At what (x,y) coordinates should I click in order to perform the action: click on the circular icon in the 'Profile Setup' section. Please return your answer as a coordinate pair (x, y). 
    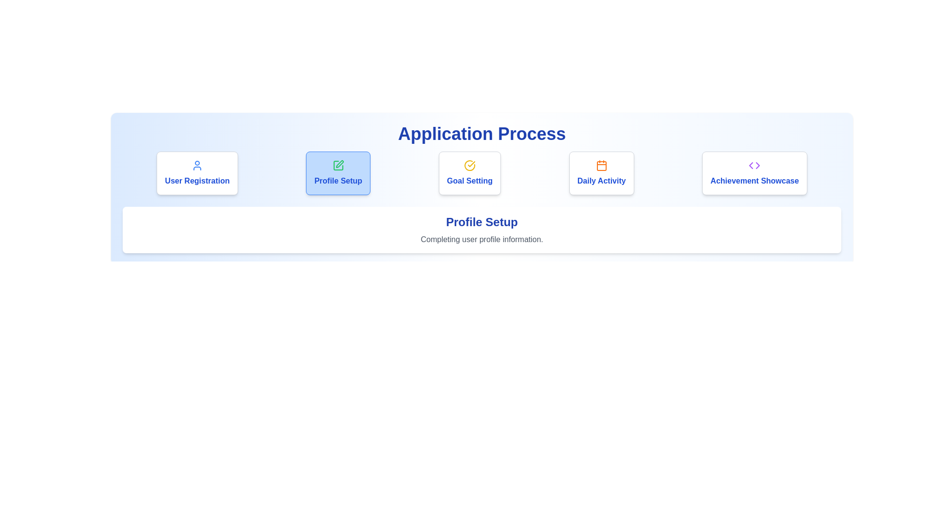
    Looking at the image, I should click on (471, 164).